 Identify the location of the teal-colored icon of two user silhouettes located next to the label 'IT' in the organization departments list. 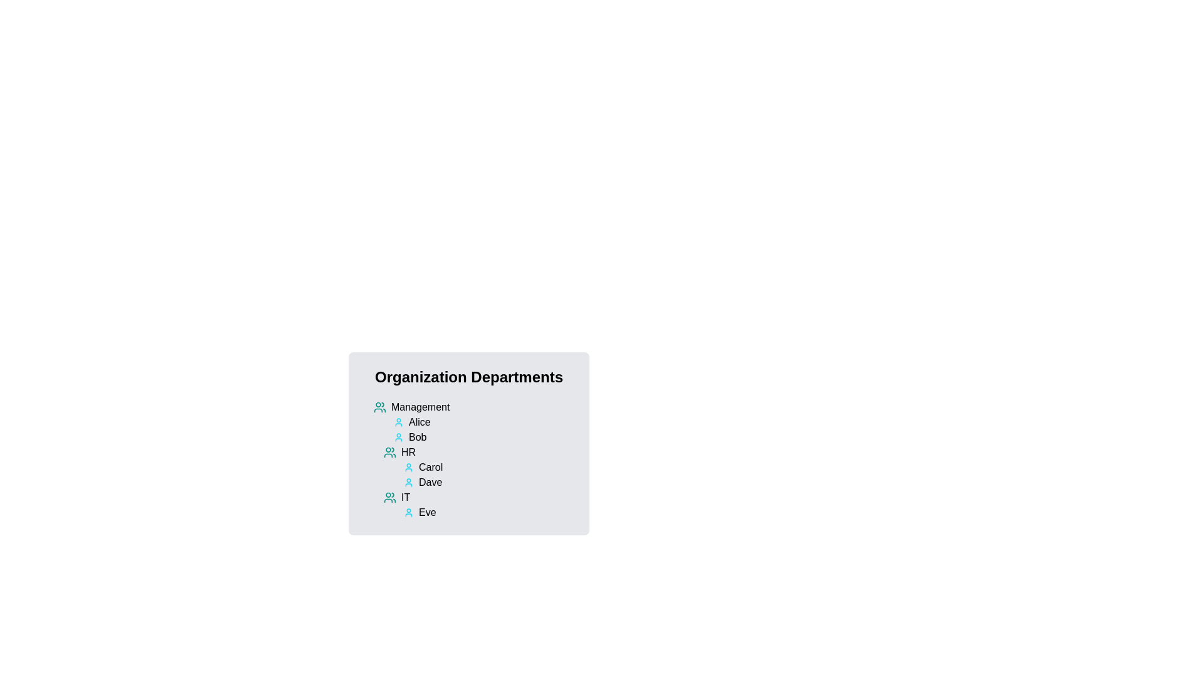
(389, 497).